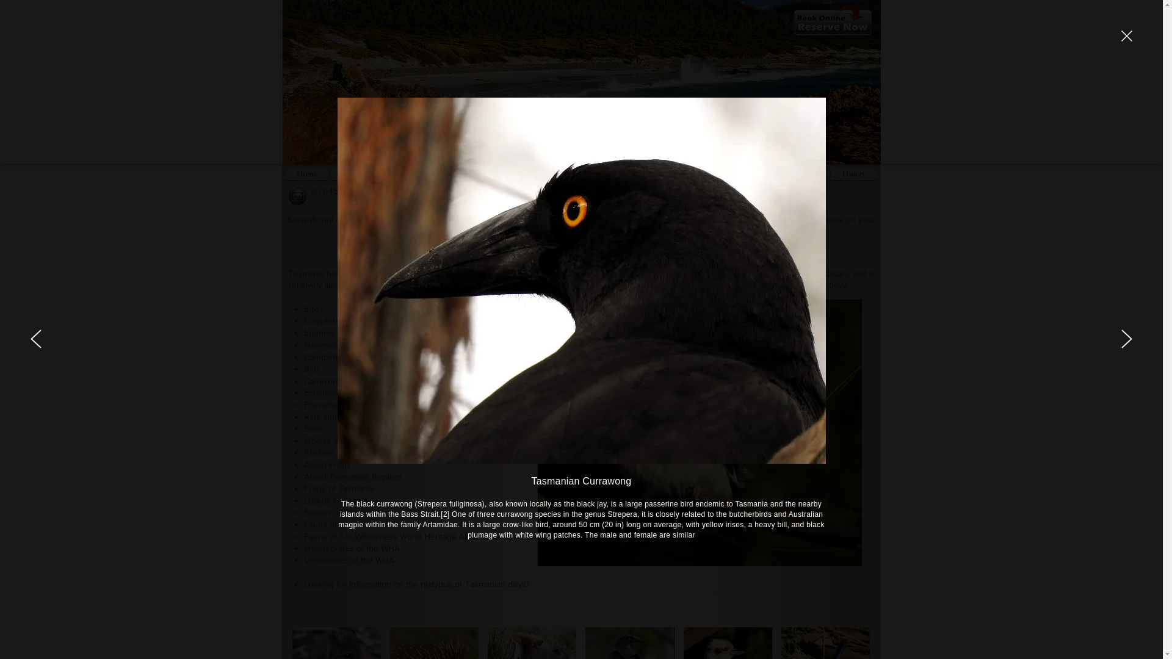  I want to click on 'Bats', so click(312, 368).